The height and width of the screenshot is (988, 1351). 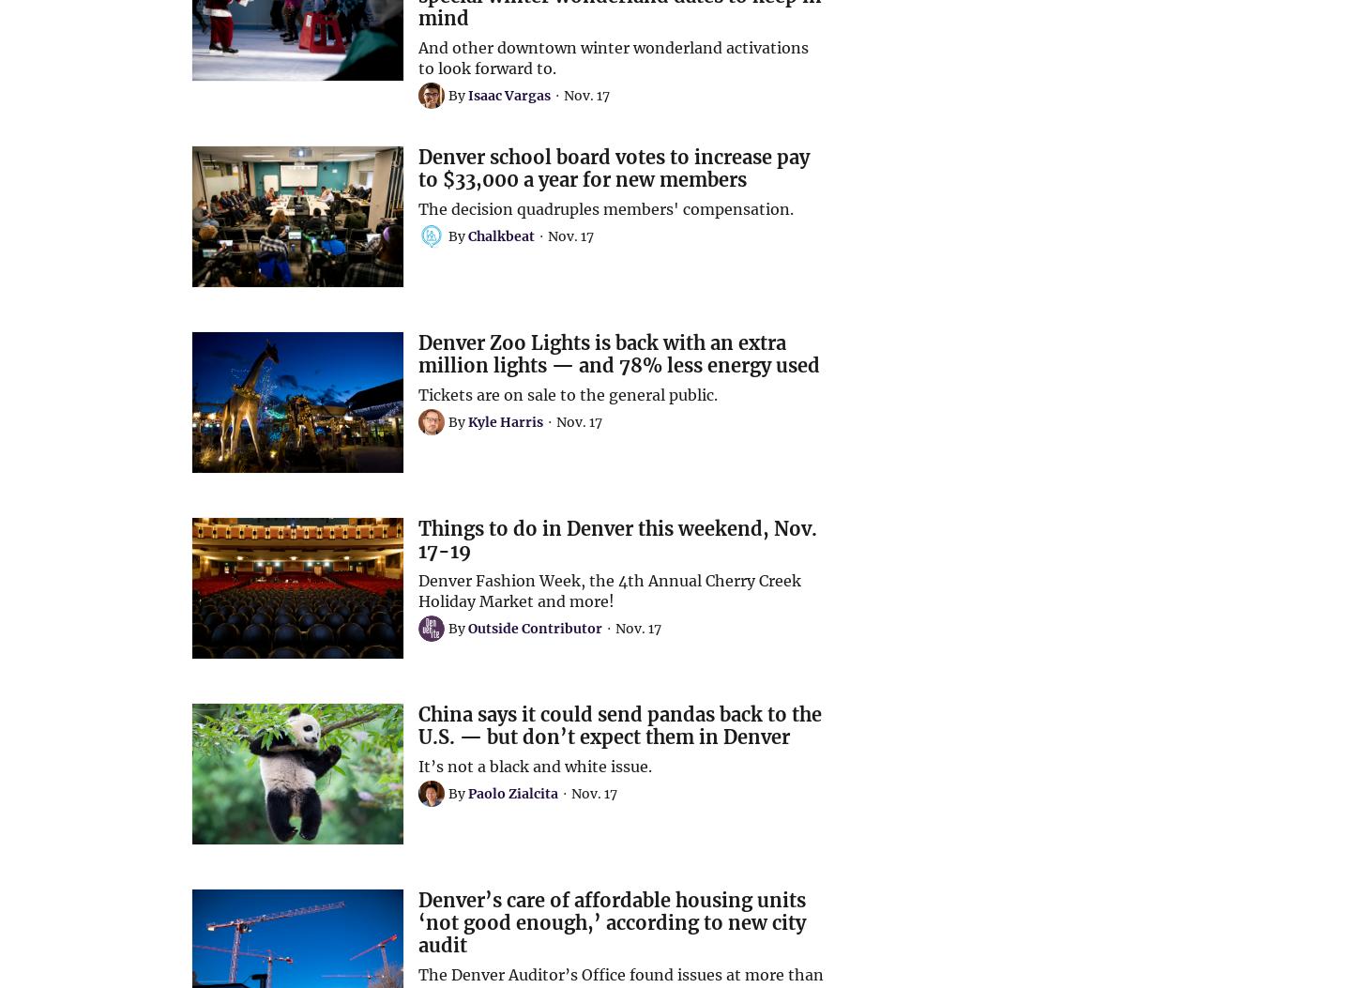 I want to click on 'Denver’s care of affordable housing units ‘not good enough,’ according to new city audit', so click(x=611, y=922).